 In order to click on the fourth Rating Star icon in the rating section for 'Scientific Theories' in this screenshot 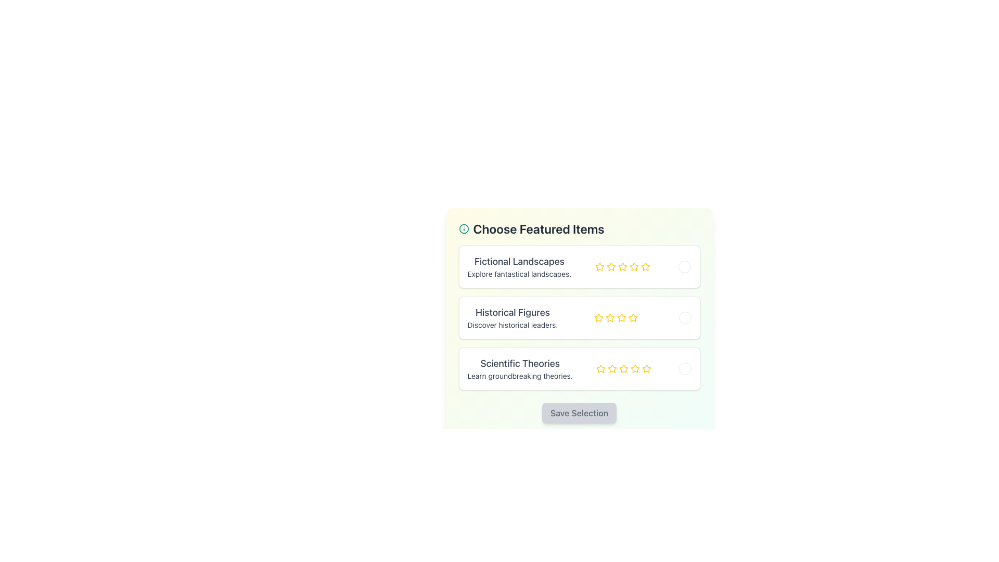, I will do `click(623, 368)`.